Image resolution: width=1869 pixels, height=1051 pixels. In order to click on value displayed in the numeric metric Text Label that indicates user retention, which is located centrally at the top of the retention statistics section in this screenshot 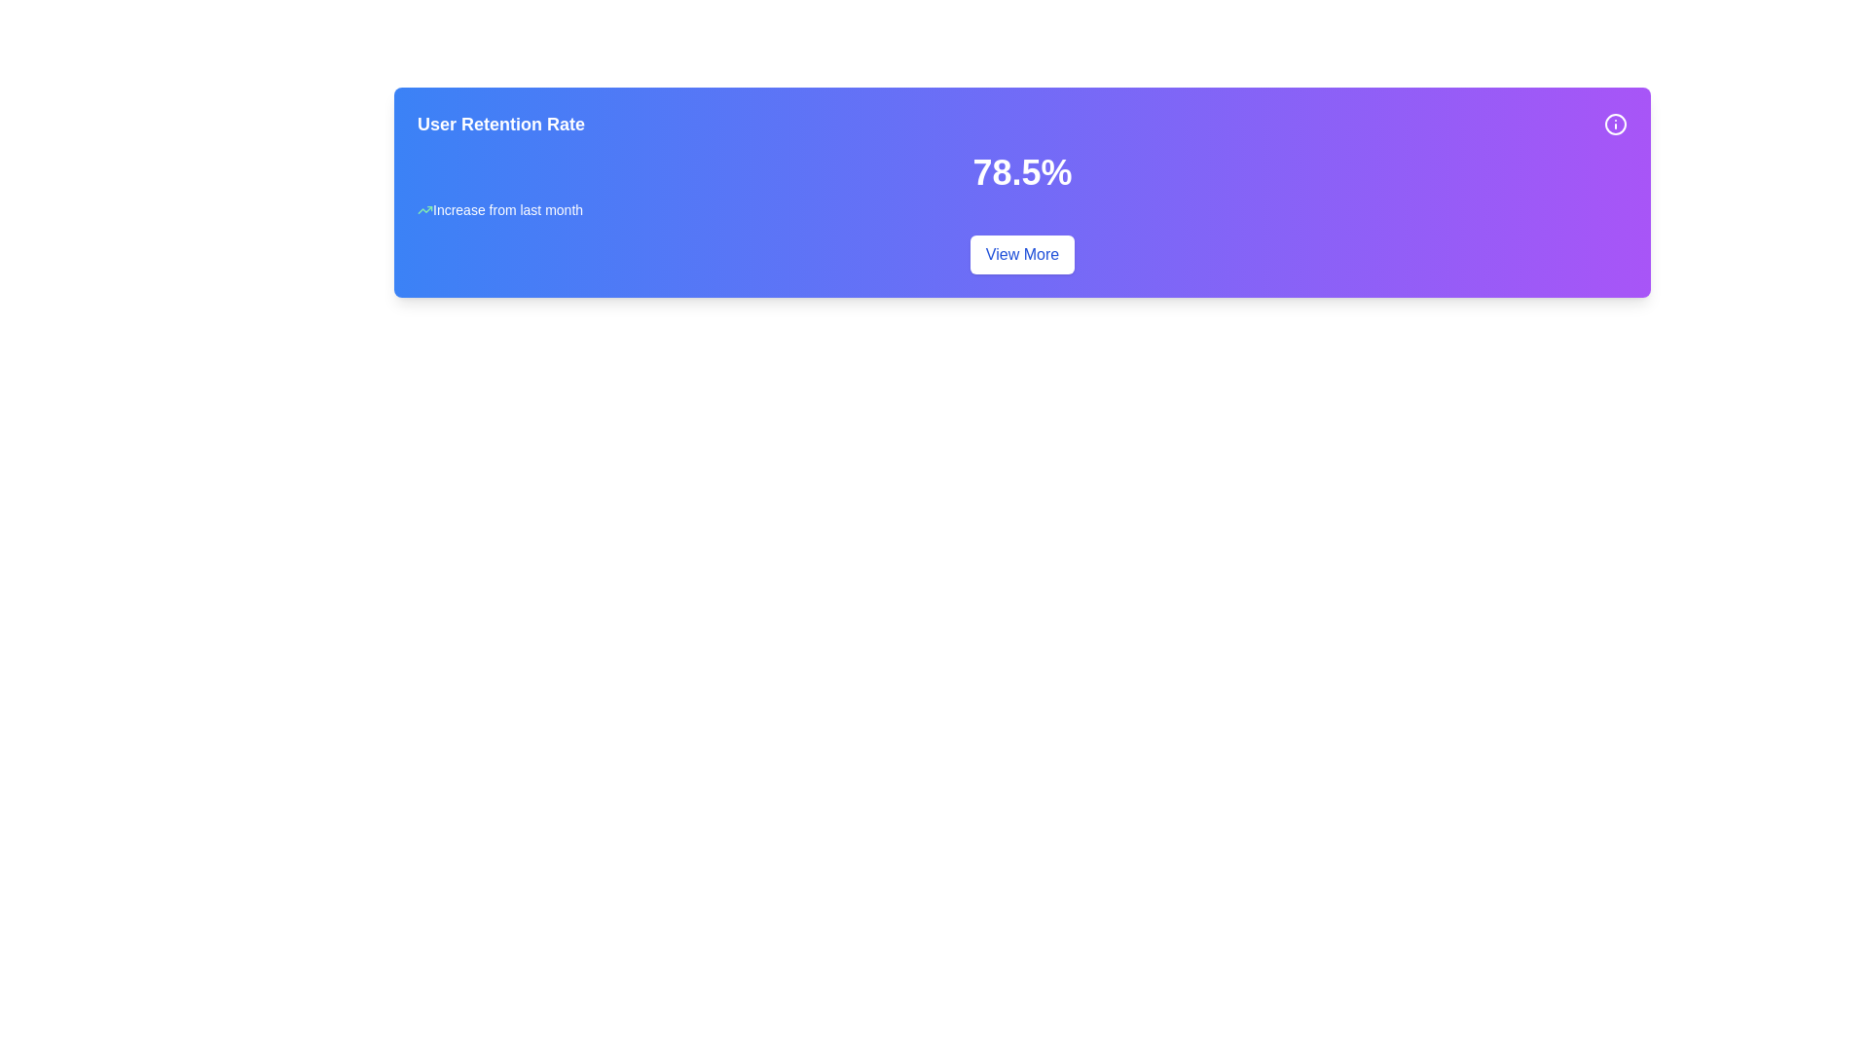, I will do `click(1021, 171)`.